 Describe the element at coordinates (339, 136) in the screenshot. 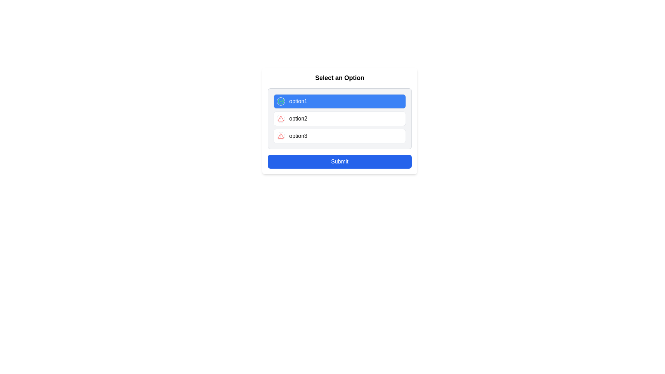

I see `the third selectable option box in the list of choices` at that location.